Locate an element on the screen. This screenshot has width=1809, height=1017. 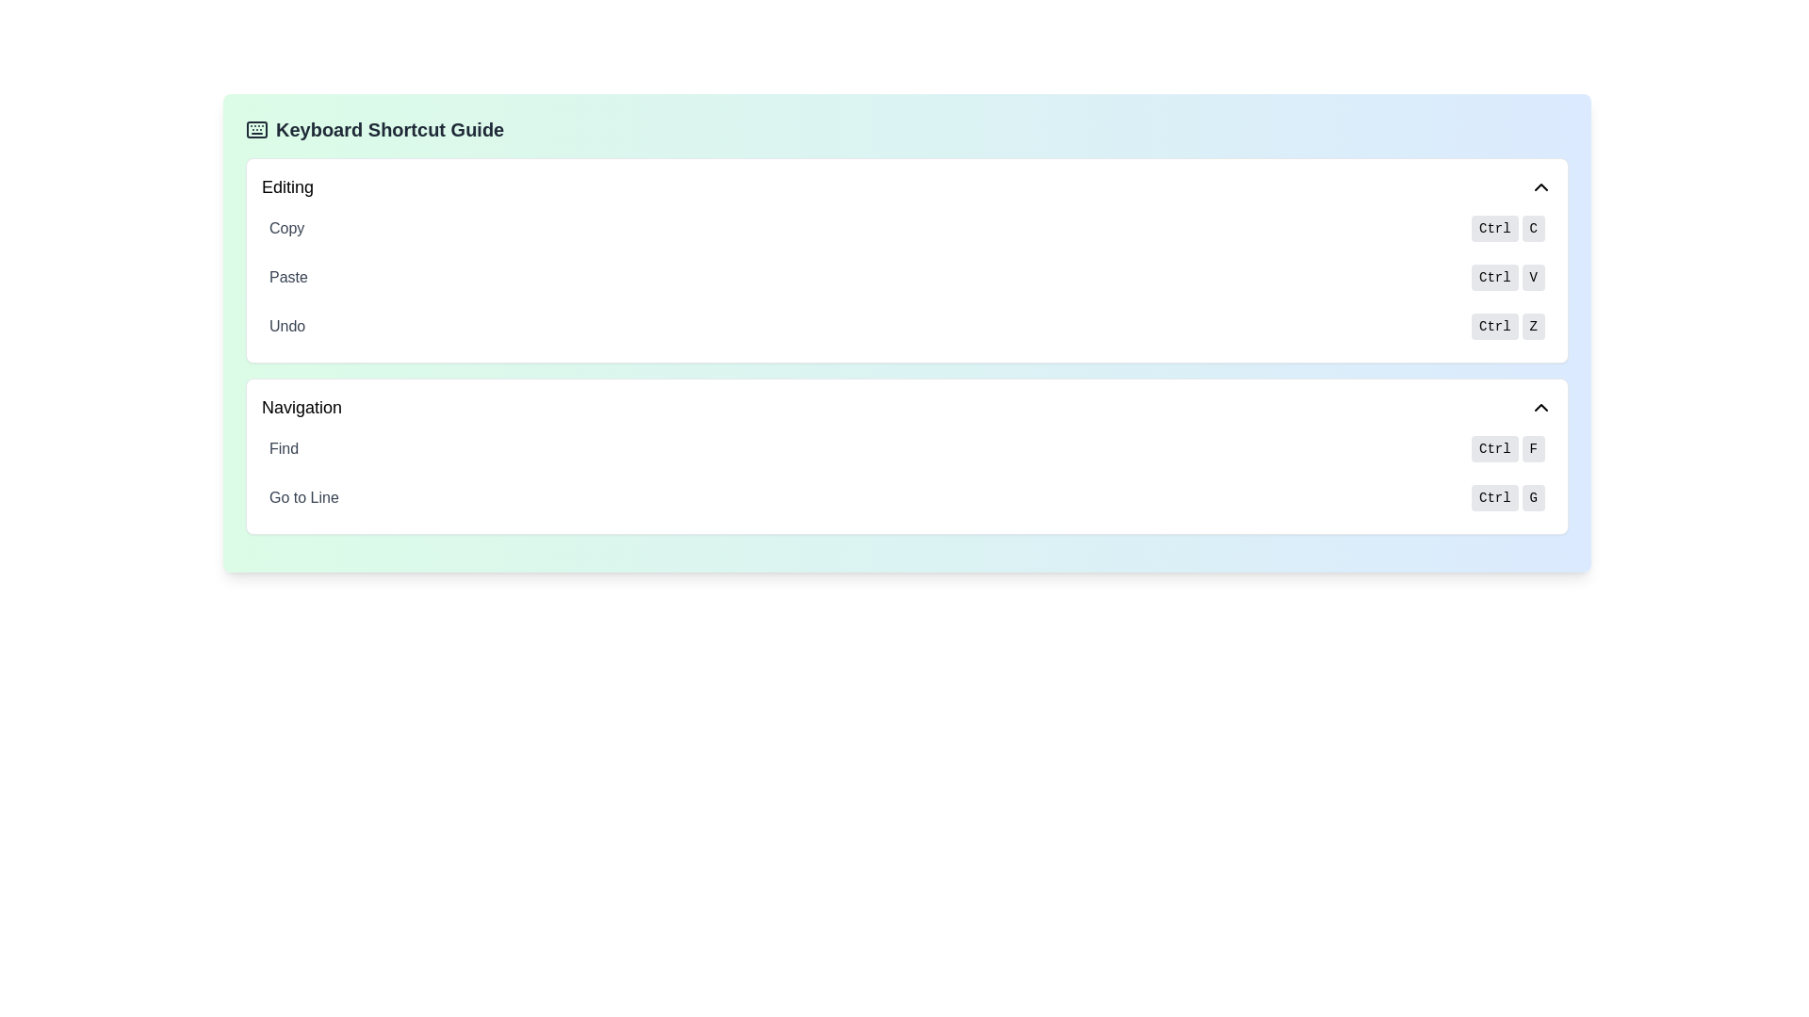
label of the keyboard shortcut component displaying 'Ctrl' and 'G', which is part of the 'Go to Line' navigation section is located at coordinates (1507, 496).